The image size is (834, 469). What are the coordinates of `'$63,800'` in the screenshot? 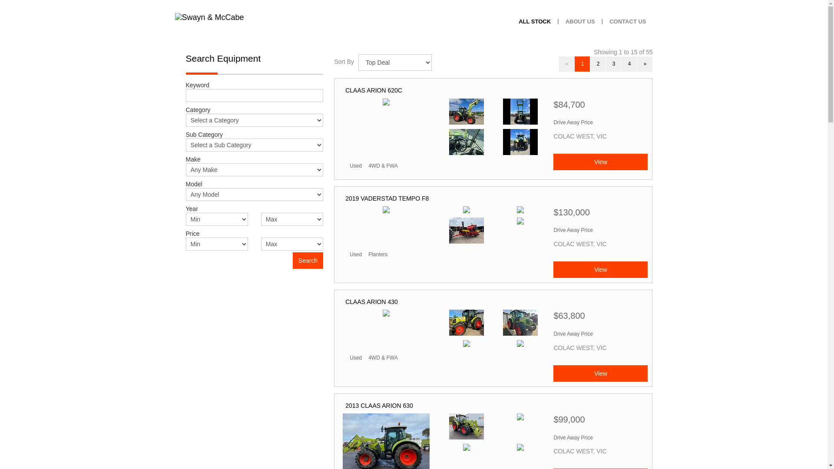 It's located at (600, 318).